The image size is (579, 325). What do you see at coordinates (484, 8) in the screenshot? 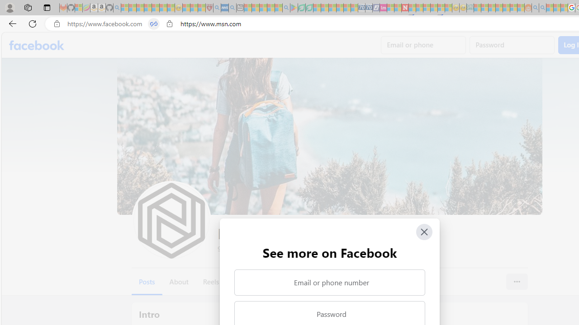
I see `'Microsoft account | Privacy - Sleeping'` at bounding box center [484, 8].